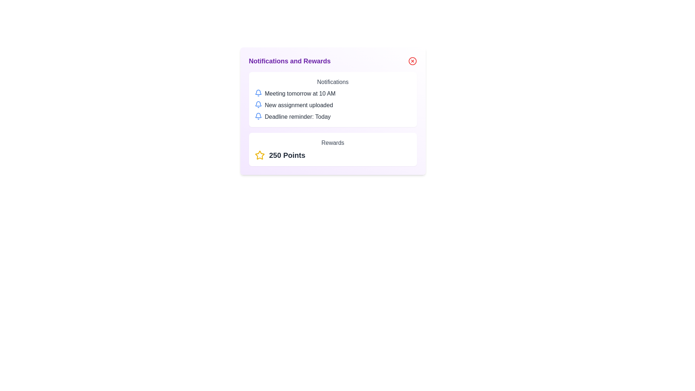 This screenshot has height=391, width=695. I want to click on the Text Label displaying '250 Points' in the rewards section, located to the right of the golden star icon, so click(287, 155).